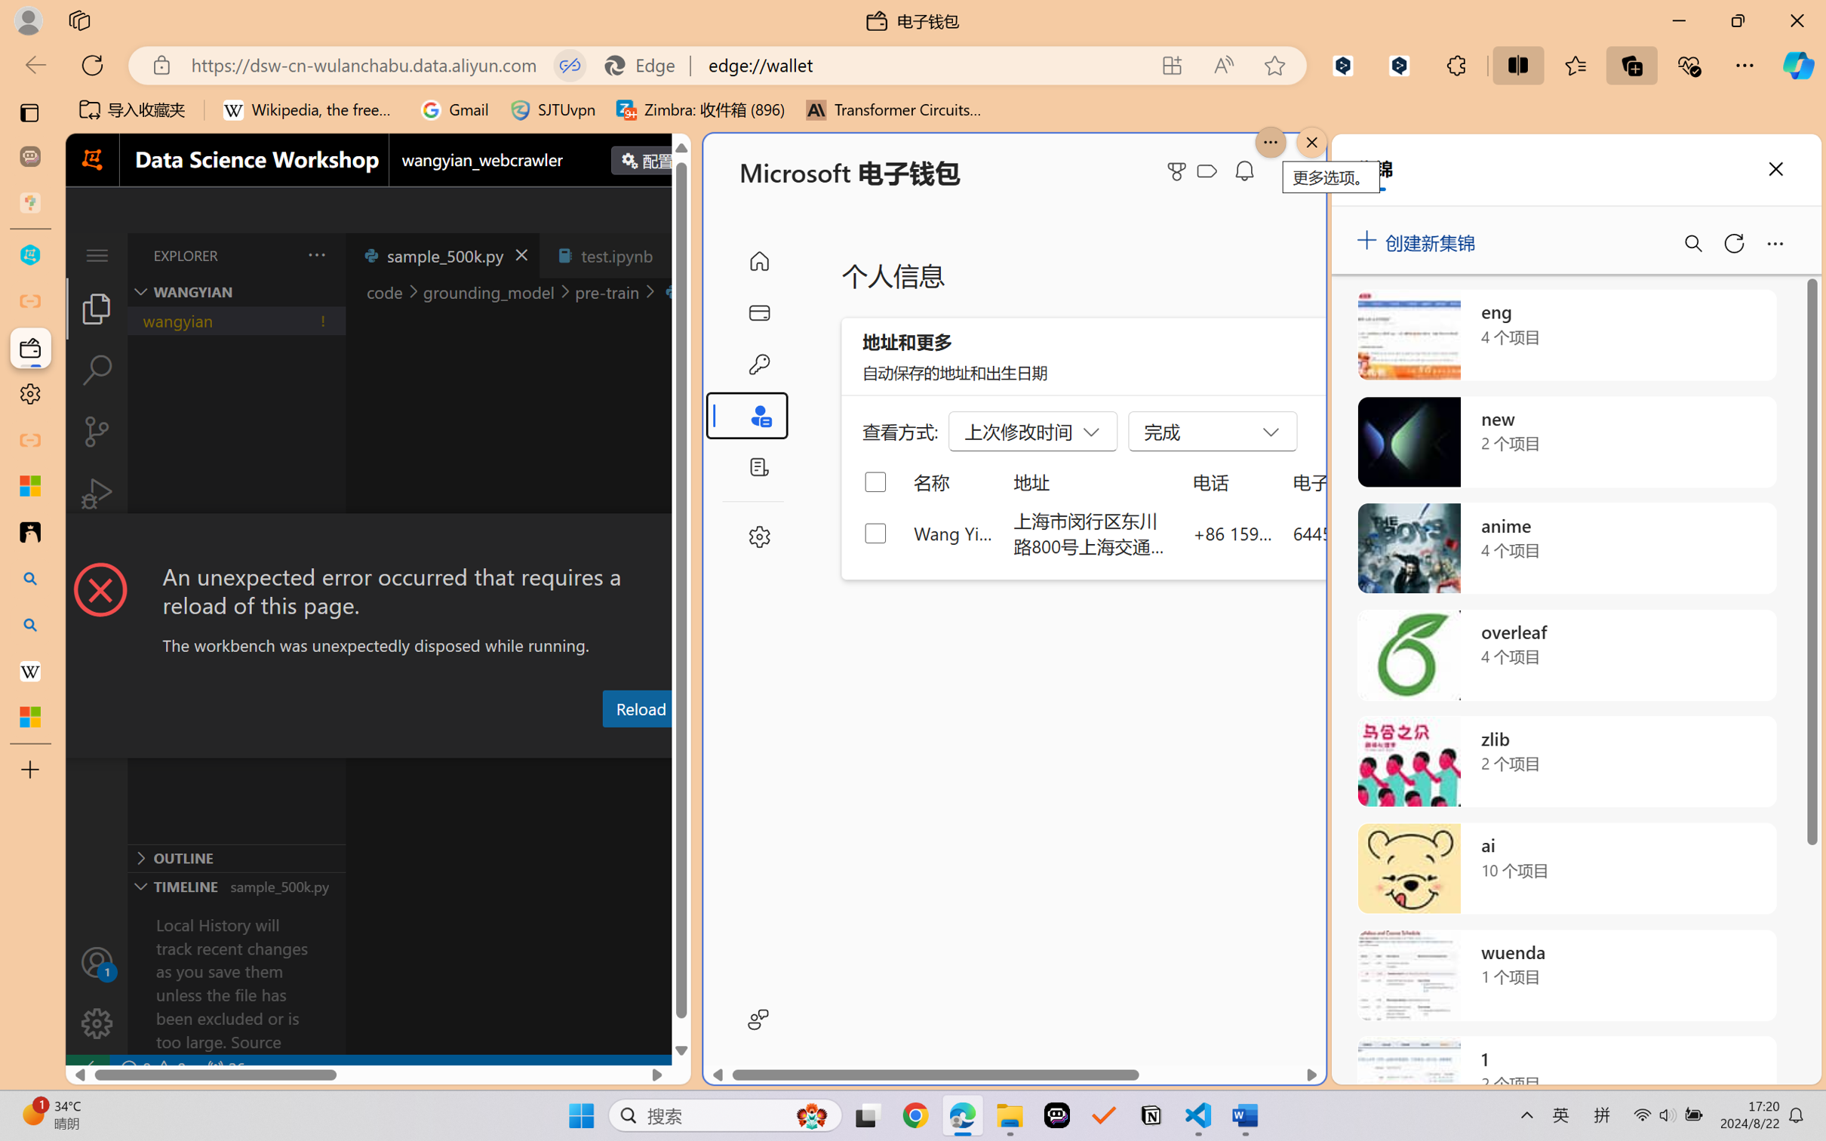 This screenshot has height=1141, width=1826. What do you see at coordinates (1179, 171) in the screenshot?
I see `'Microsoft Rewards'` at bounding box center [1179, 171].